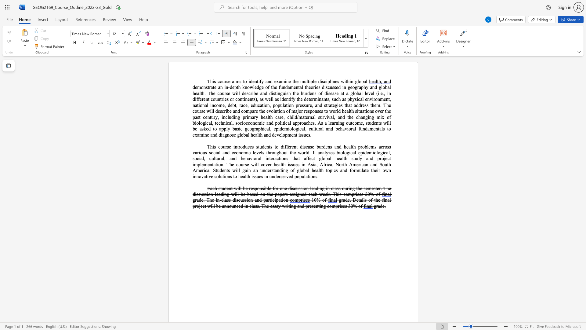 This screenshot has width=586, height=330. Describe the element at coordinates (202, 200) in the screenshot. I see `the 1th character "e" in the text` at that location.